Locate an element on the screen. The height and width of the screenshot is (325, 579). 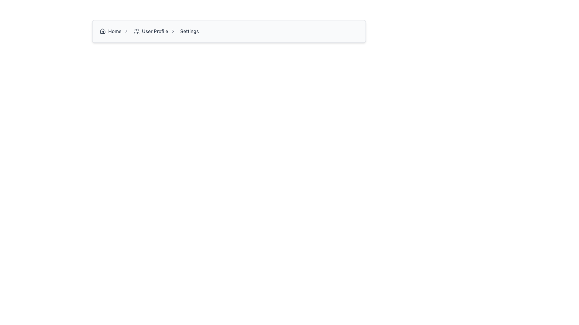
the house icon located on the left side of the breadcrumb navigation bar is located at coordinates (103, 31).